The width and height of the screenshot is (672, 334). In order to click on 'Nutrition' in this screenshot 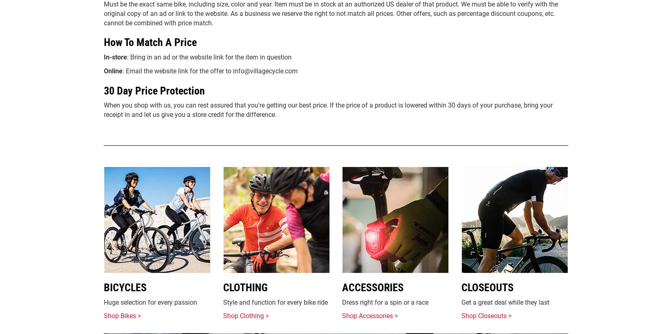, I will do `click(358, 47)`.